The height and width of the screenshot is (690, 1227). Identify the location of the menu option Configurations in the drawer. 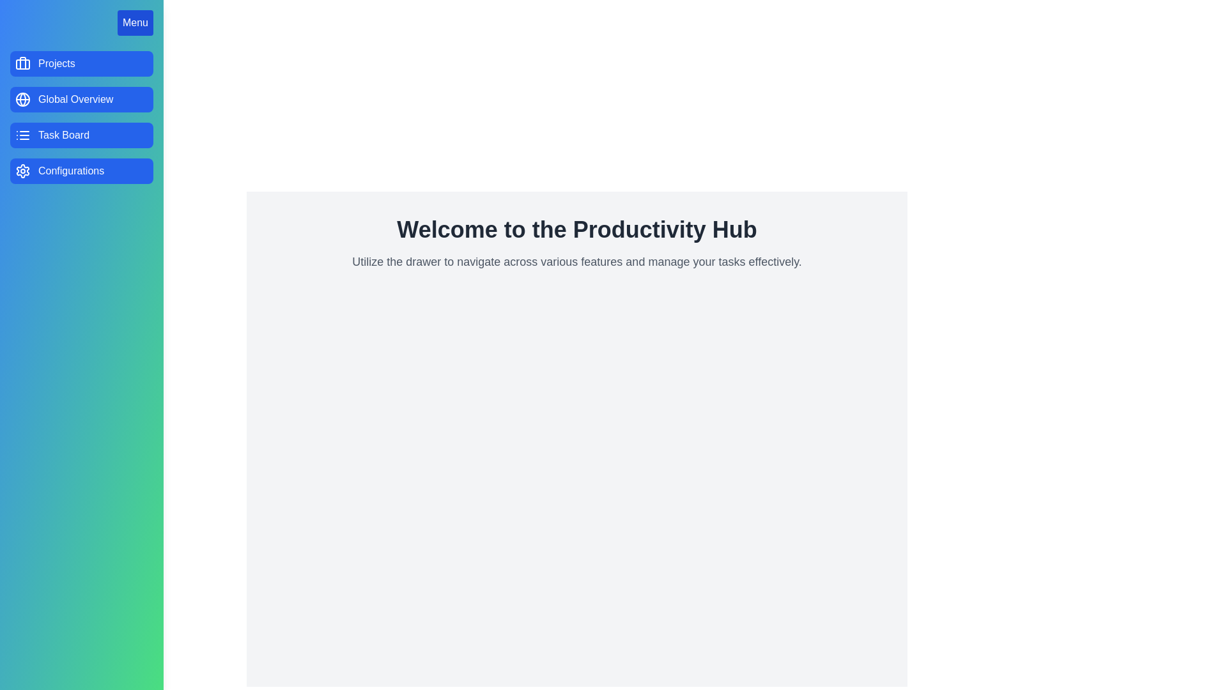
(81, 170).